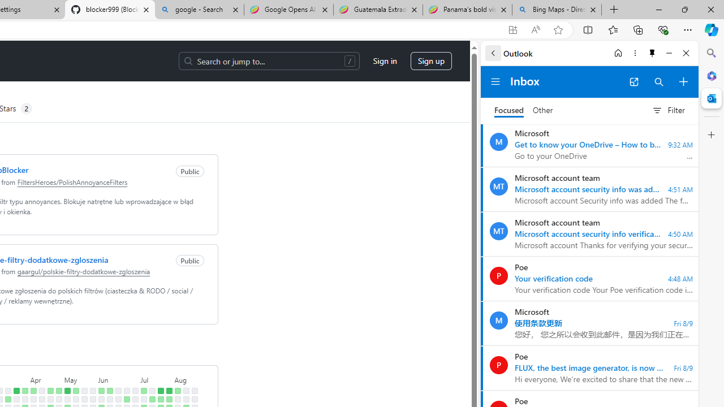 Image resolution: width=724 pixels, height=407 pixels. What do you see at coordinates (493, 53) in the screenshot?
I see `'Back'` at bounding box center [493, 53].